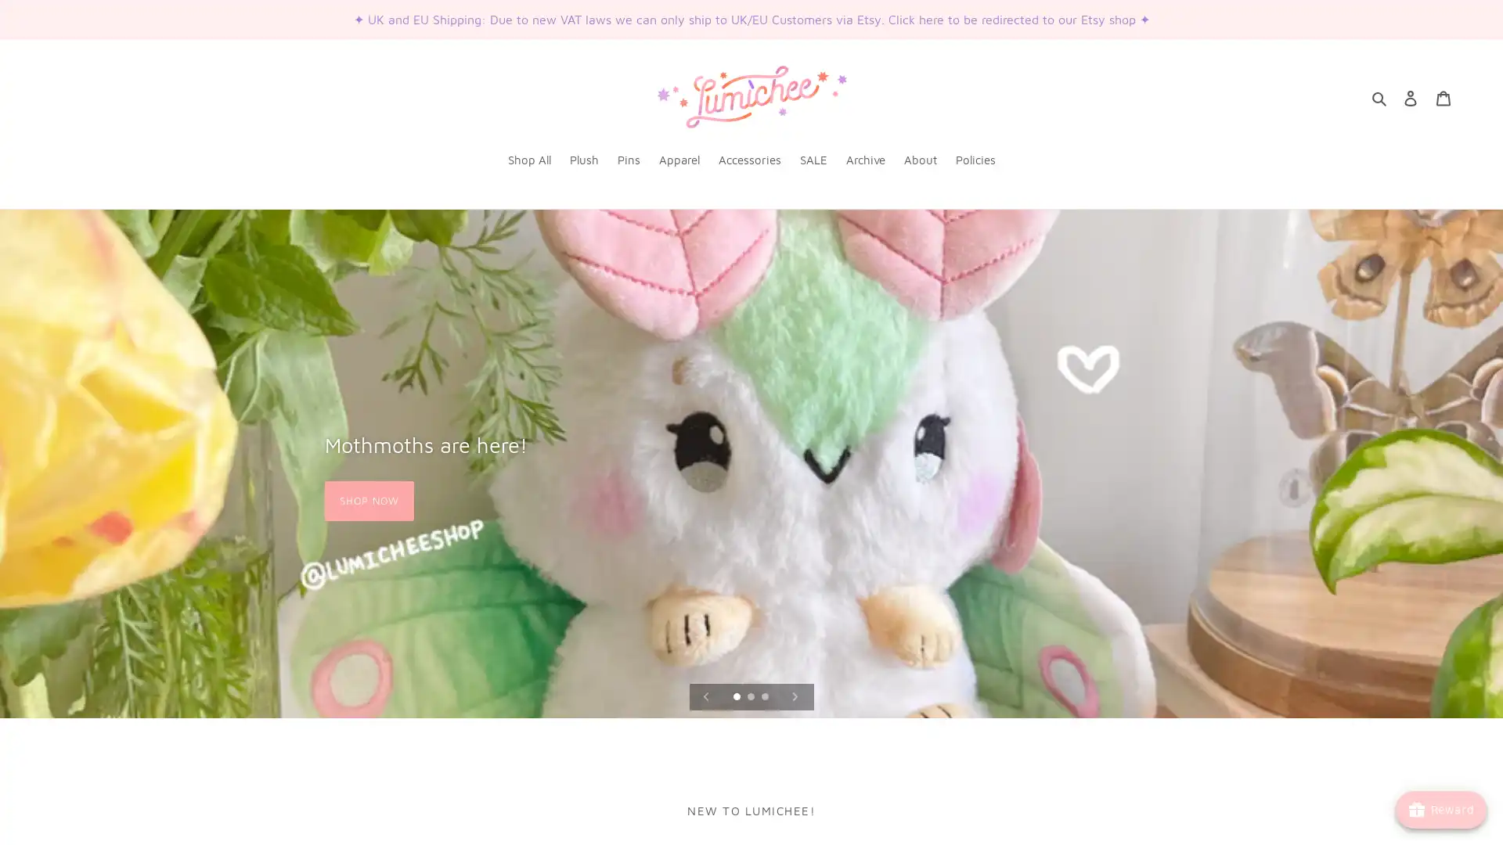 The width and height of the screenshot is (1503, 845). Describe the element at coordinates (794, 696) in the screenshot. I see `Next slide` at that location.